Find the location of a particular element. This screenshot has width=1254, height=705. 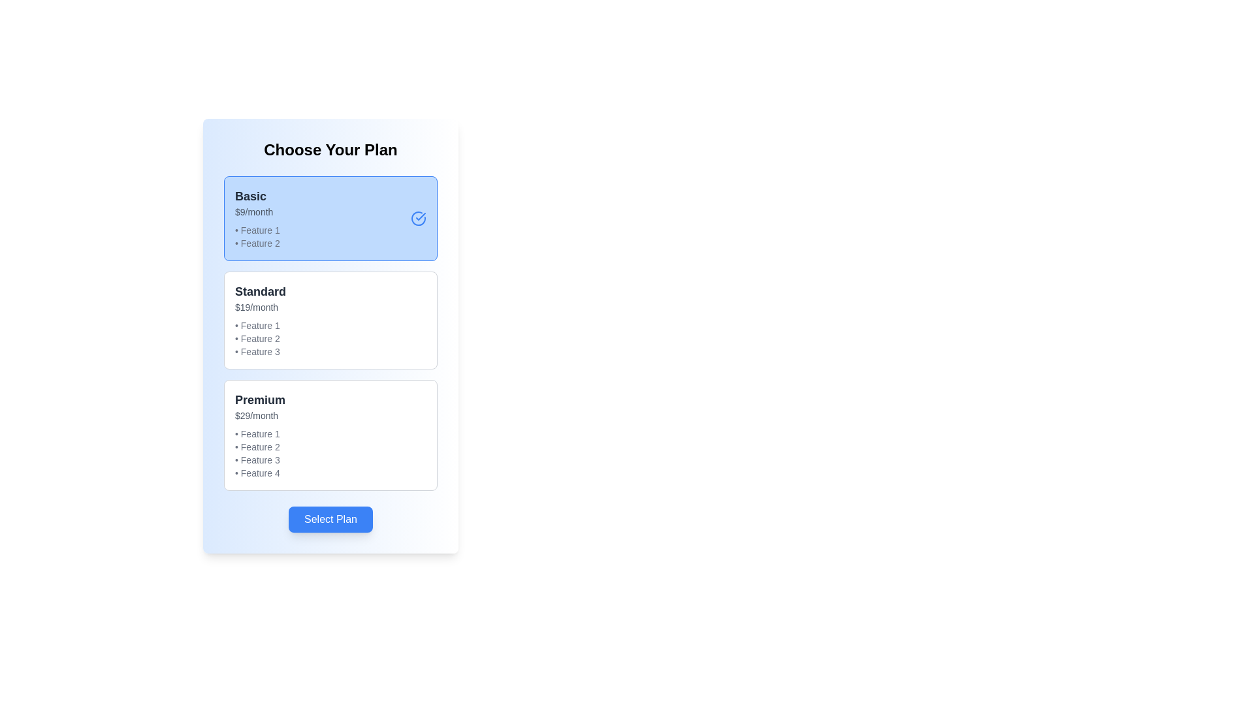

the 'Standard' pricing plan text block, which contains the title 'Standard', pricing information '$19/month', and a list of features arranged vertically is located at coordinates (260, 320).